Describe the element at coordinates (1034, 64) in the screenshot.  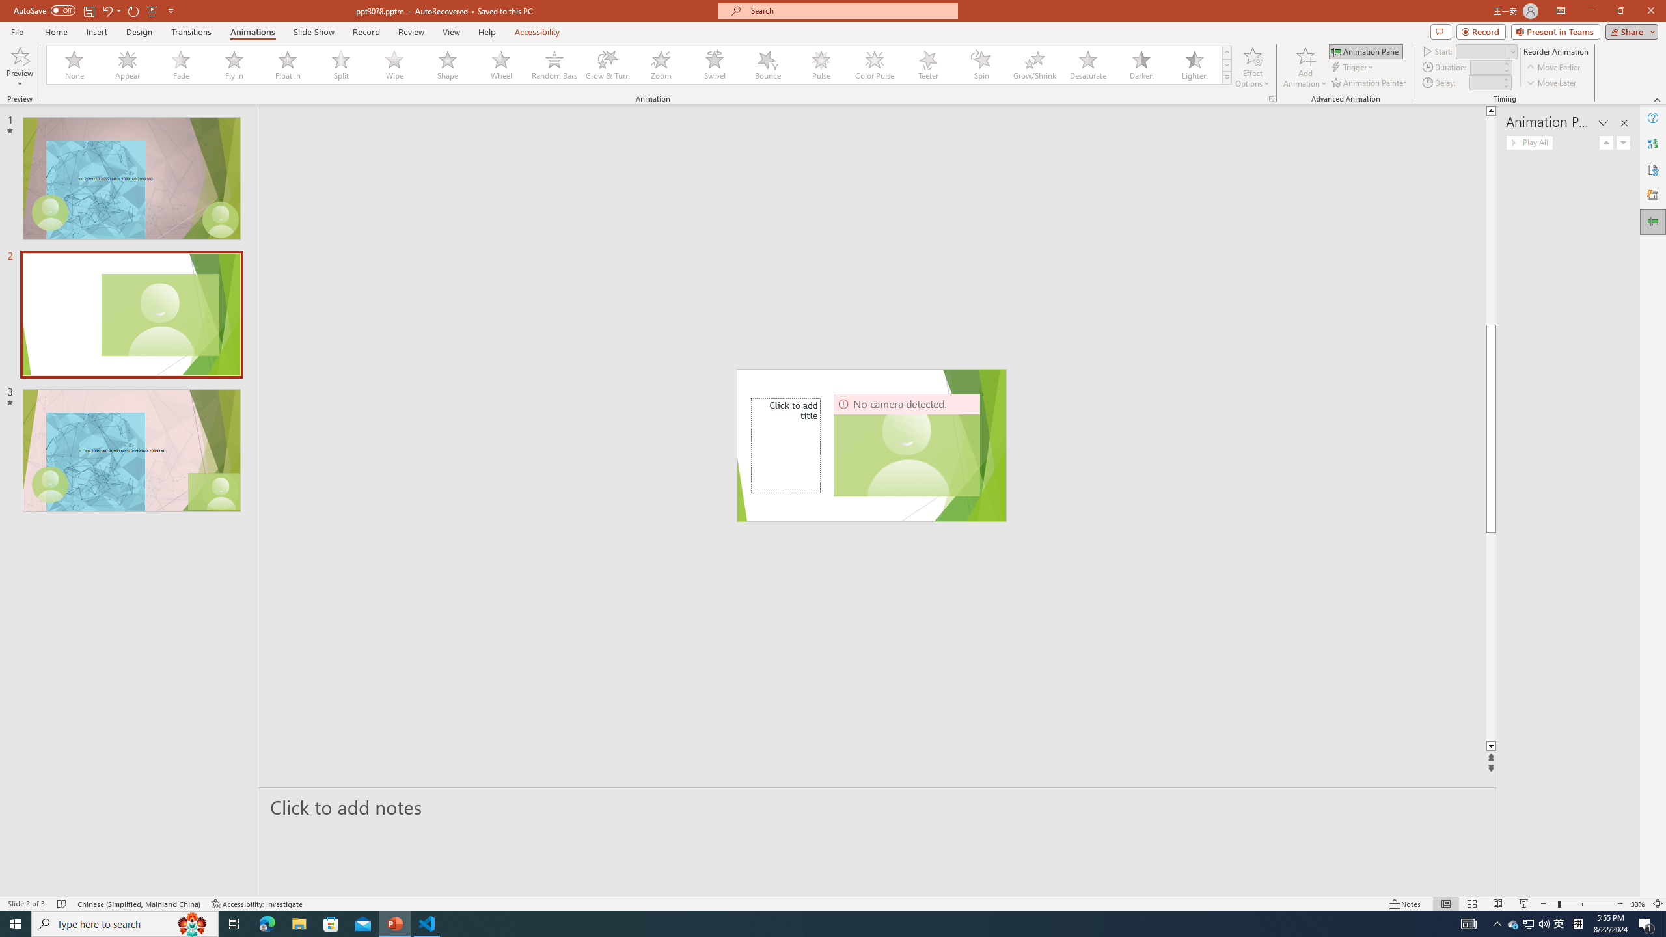
I see `'Grow/Shrink'` at that location.